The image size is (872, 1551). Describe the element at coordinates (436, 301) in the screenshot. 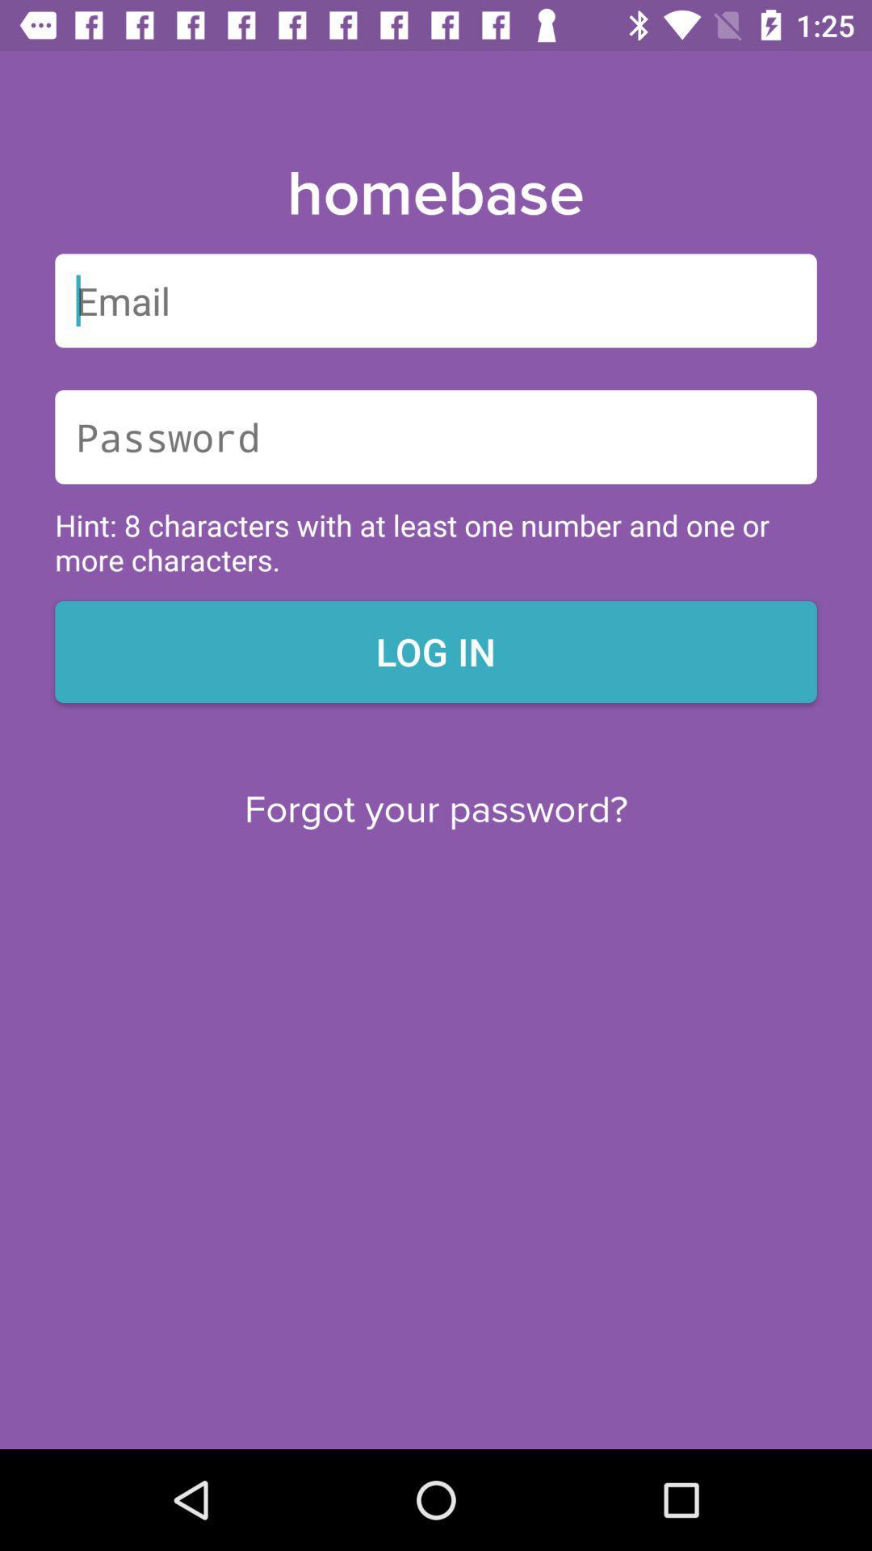

I see `email address` at that location.